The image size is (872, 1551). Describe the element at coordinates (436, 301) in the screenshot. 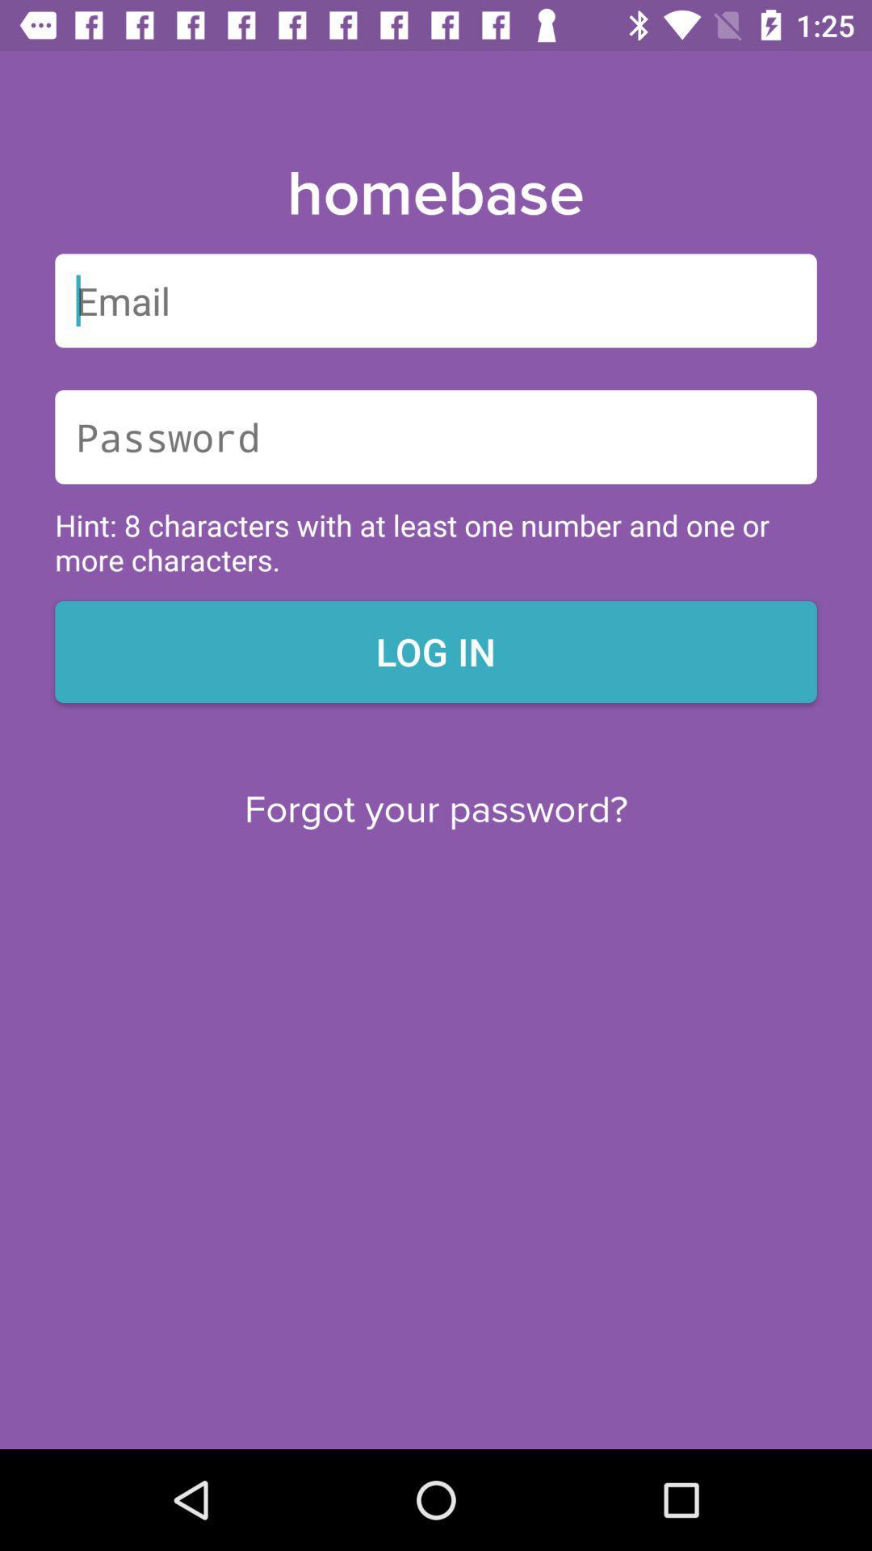

I see `email address` at that location.